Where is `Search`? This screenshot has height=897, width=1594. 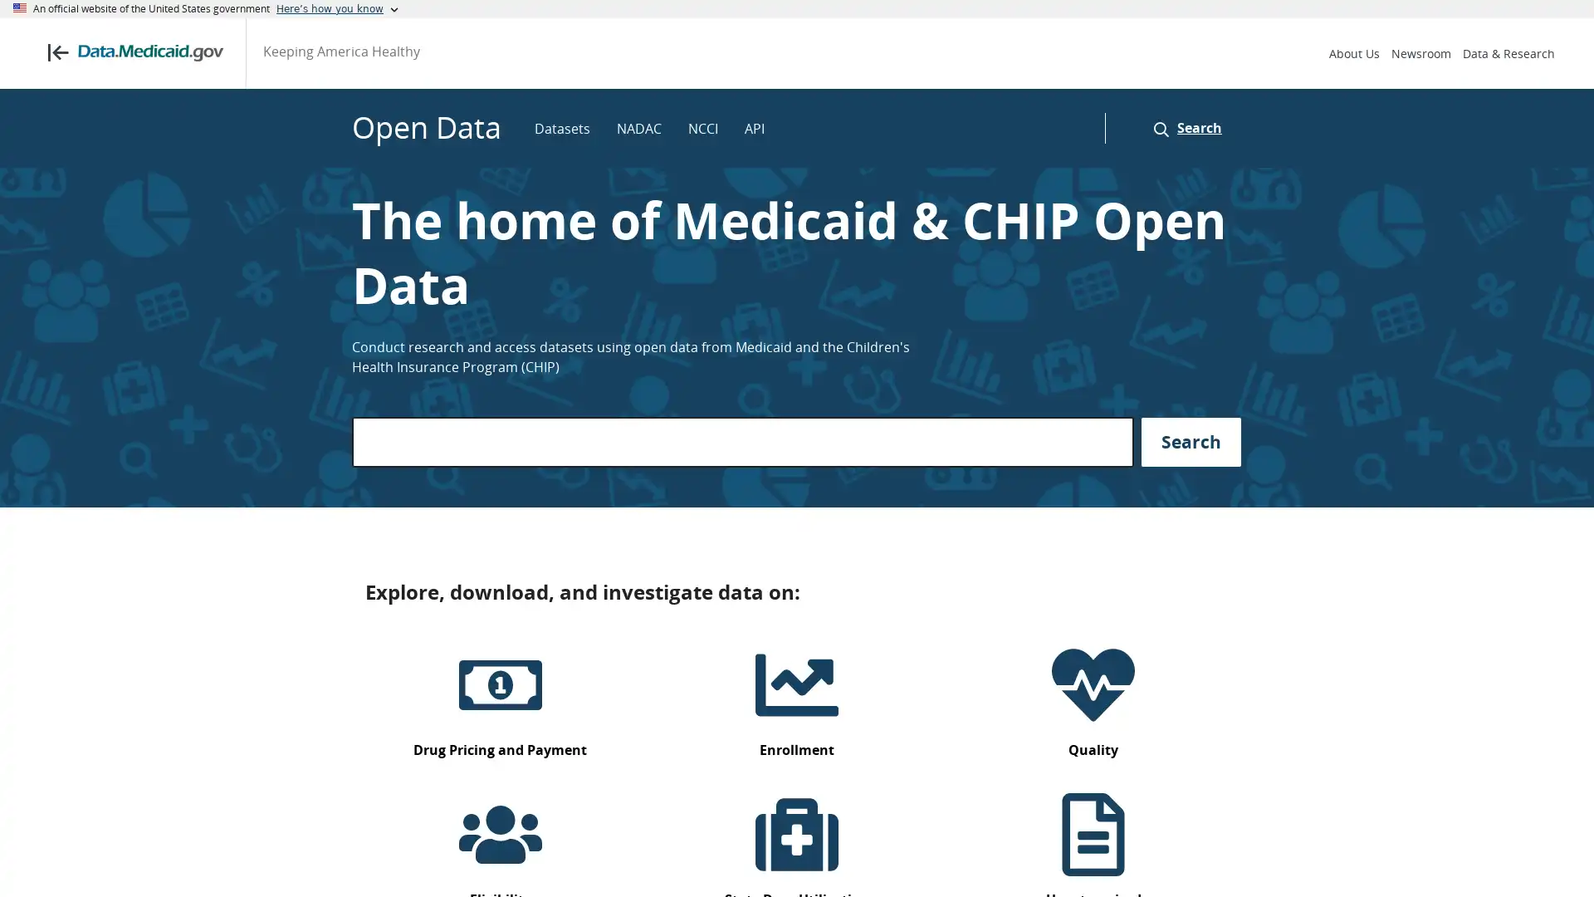
Search is located at coordinates (1191, 441).